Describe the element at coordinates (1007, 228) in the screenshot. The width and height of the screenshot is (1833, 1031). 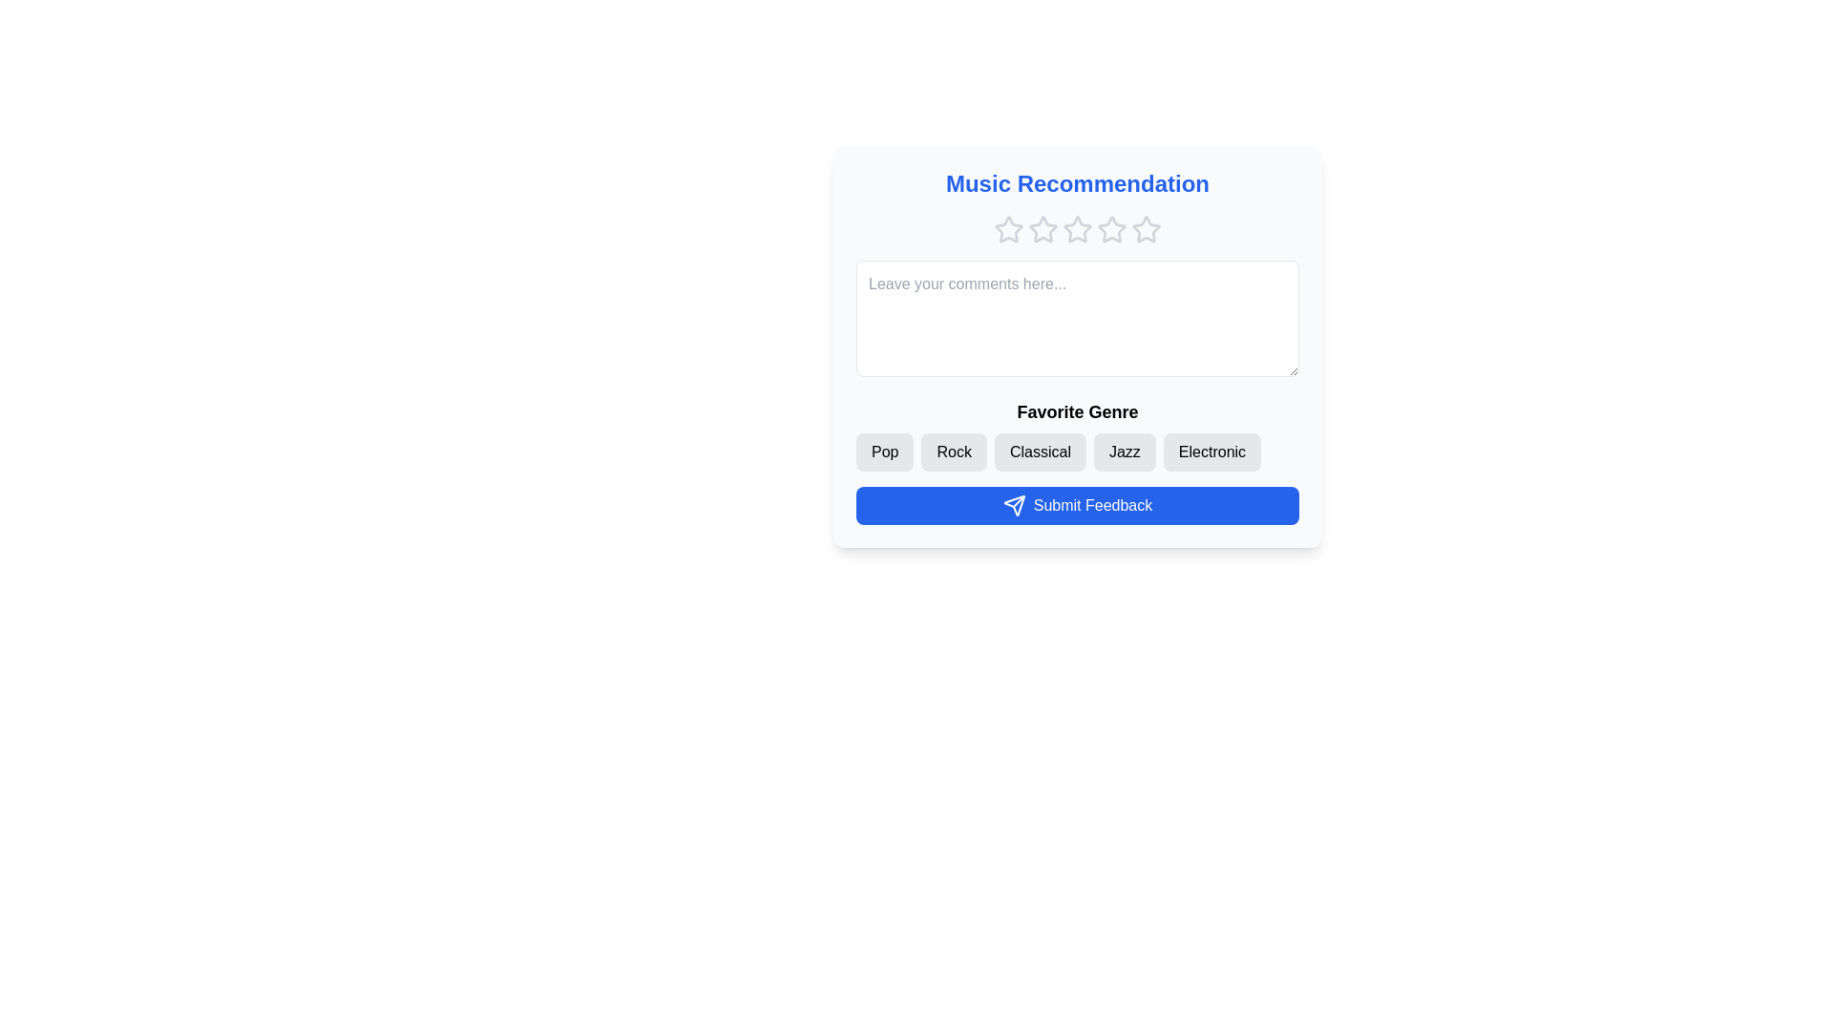
I see `the second star icon in the rating sequence located below 'Music Recommendation'` at that location.